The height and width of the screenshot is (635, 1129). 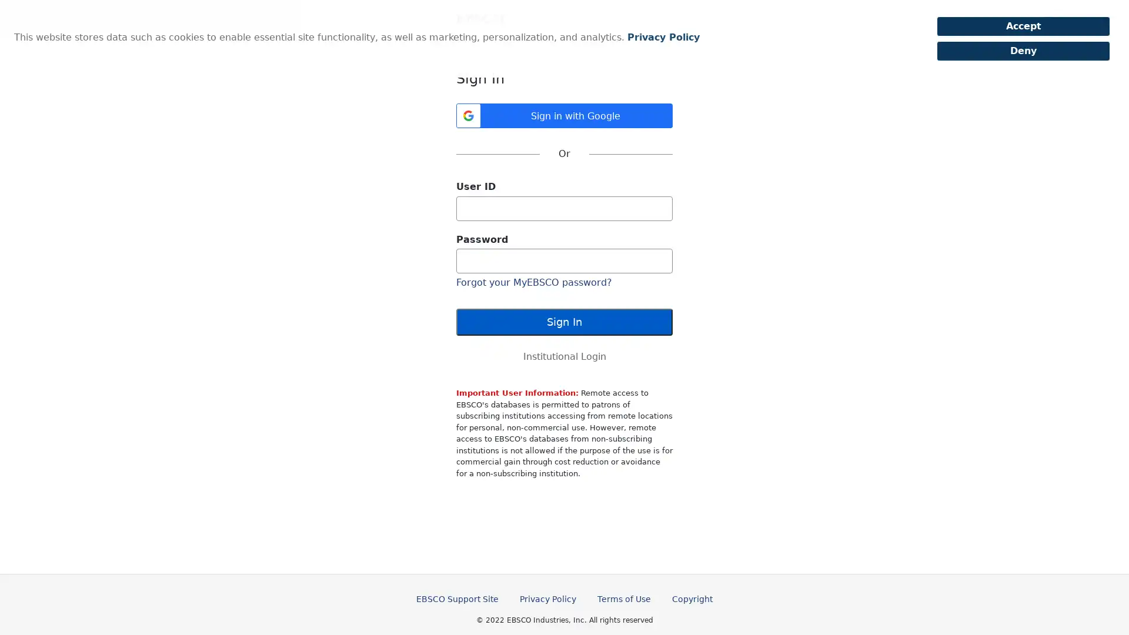 What do you see at coordinates (1023, 26) in the screenshot?
I see `Accept` at bounding box center [1023, 26].